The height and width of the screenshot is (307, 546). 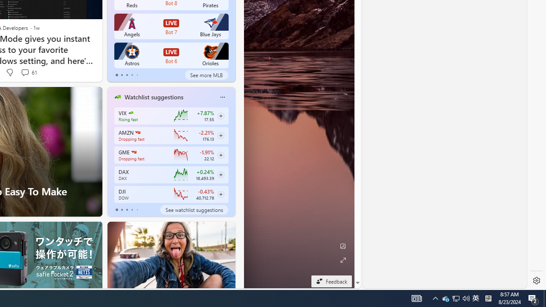 What do you see at coordinates (133, 152) in the screenshot?
I see `'GAMESTOP CORP.'` at bounding box center [133, 152].